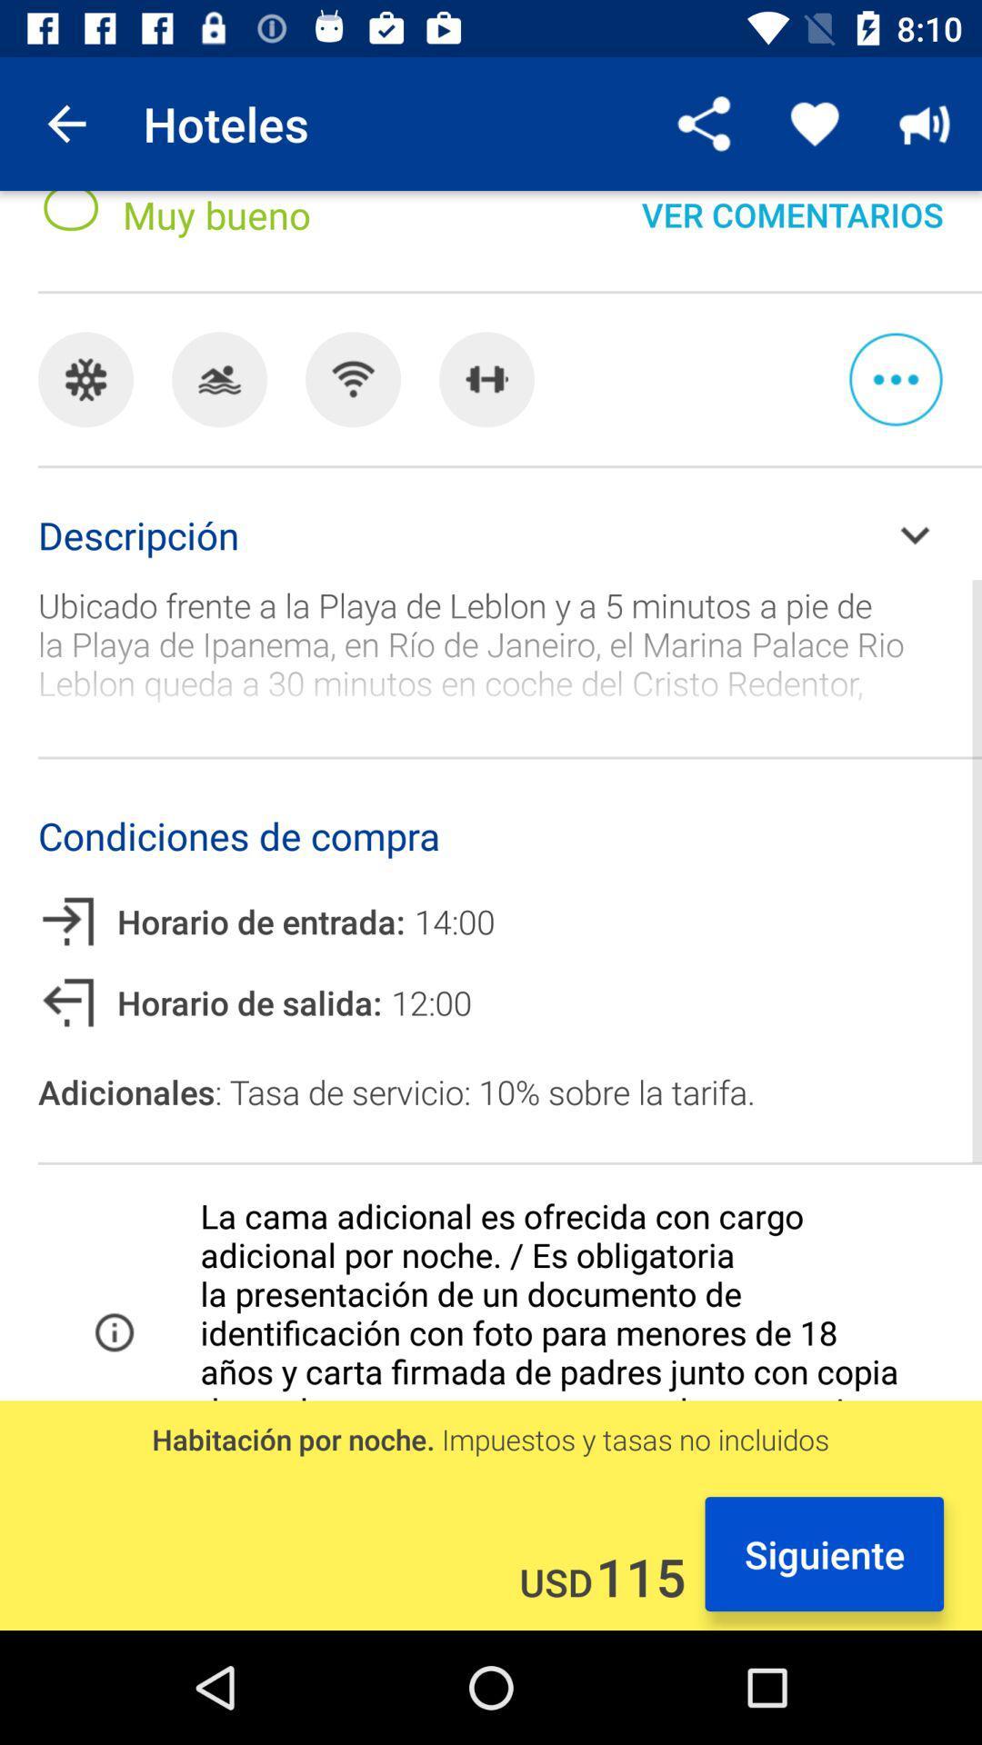 The width and height of the screenshot is (982, 1745). I want to click on icon above the 8, so click(65, 123).